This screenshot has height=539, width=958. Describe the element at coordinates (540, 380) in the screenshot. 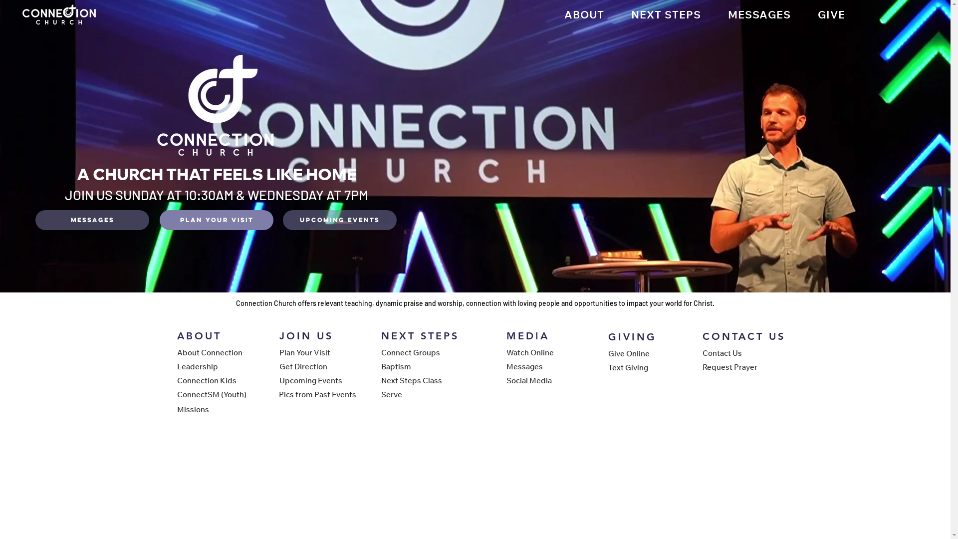

I see `'Social Media'` at that location.